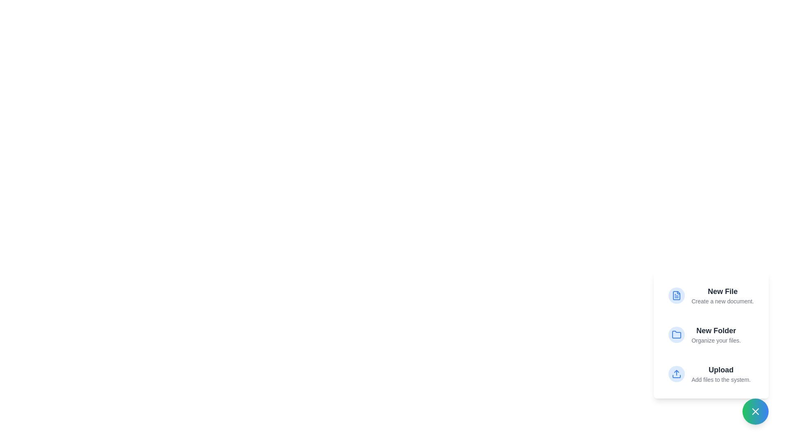  What do you see at coordinates (711, 296) in the screenshot?
I see `the 'New File' option to create a new document` at bounding box center [711, 296].